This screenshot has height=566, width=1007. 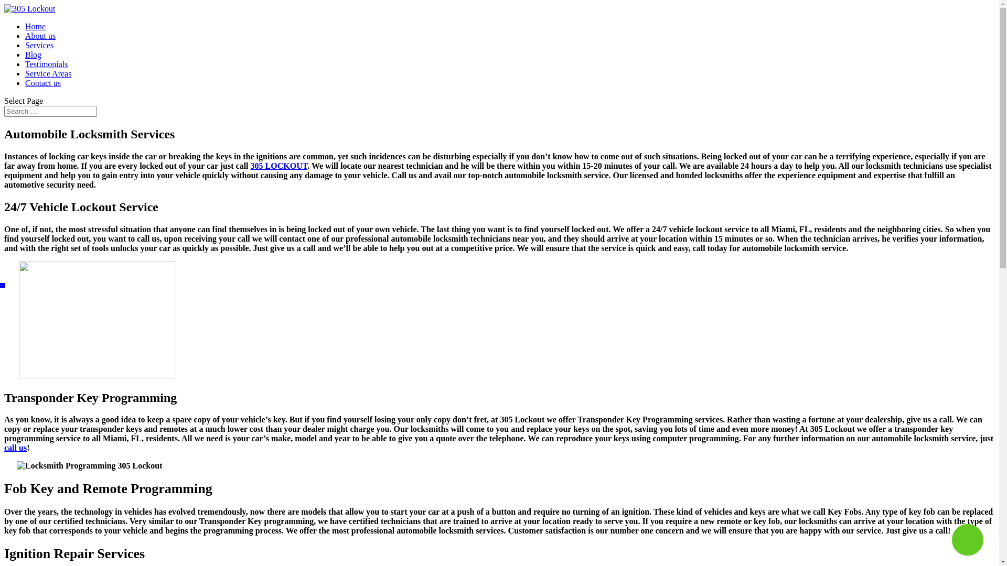 I want to click on 'call us', so click(x=15, y=448).